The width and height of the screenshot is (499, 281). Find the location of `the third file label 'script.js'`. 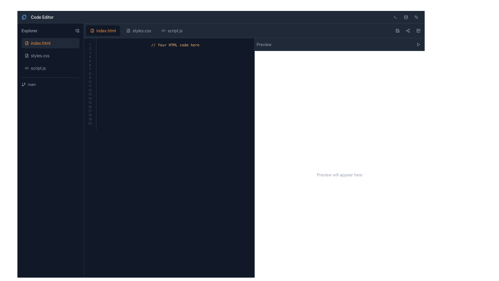

the third file label 'script.js' is located at coordinates (38, 68).